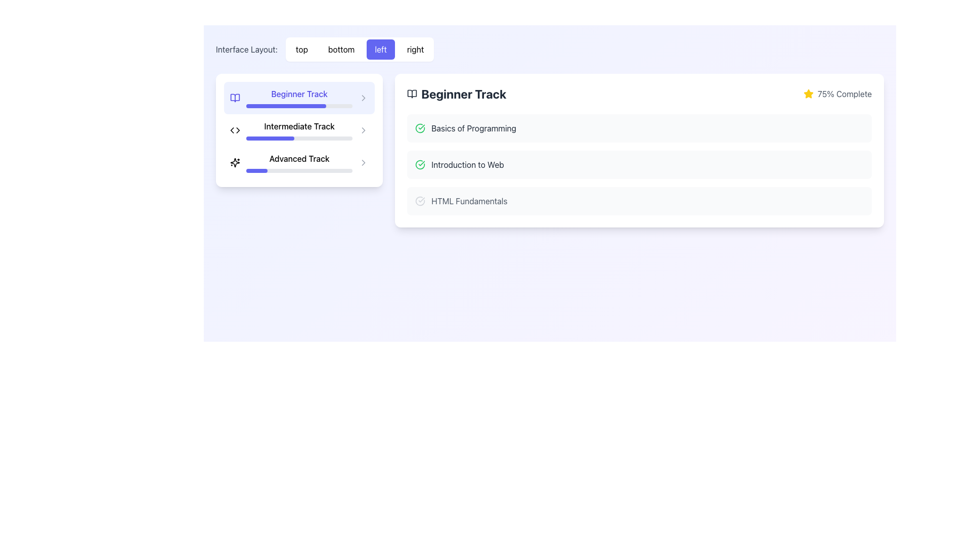 Image resolution: width=971 pixels, height=546 pixels. Describe the element at coordinates (270, 138) in the screenshot. I see `the leftmost segment of the horizontal progress bar, which is styled with a vivid indigo color and rounded edges, located beneath the 'Intermediate Track' label and icon` at that location.